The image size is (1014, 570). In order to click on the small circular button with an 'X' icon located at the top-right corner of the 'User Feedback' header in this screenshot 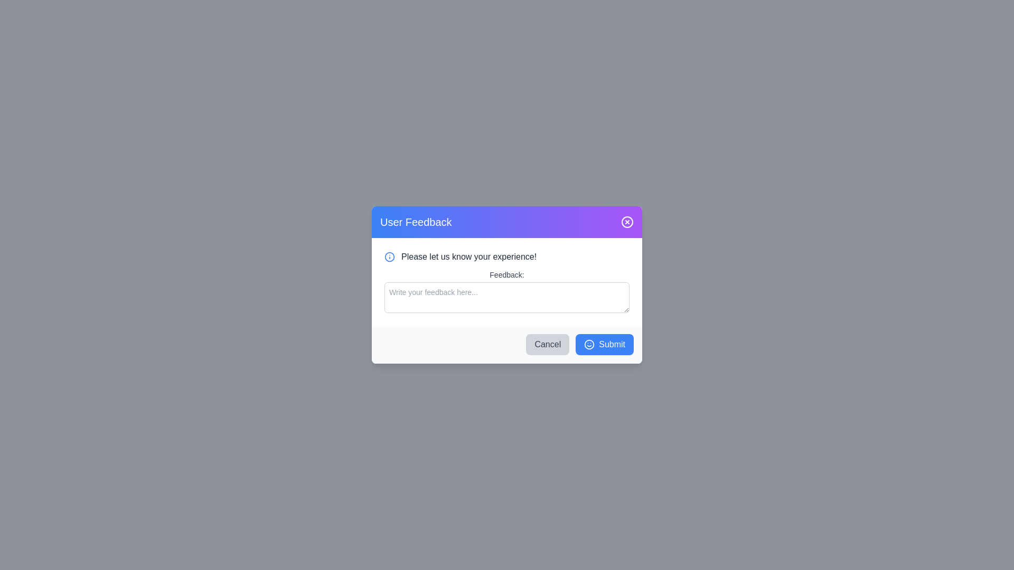, I will do `click(627, 221)`.